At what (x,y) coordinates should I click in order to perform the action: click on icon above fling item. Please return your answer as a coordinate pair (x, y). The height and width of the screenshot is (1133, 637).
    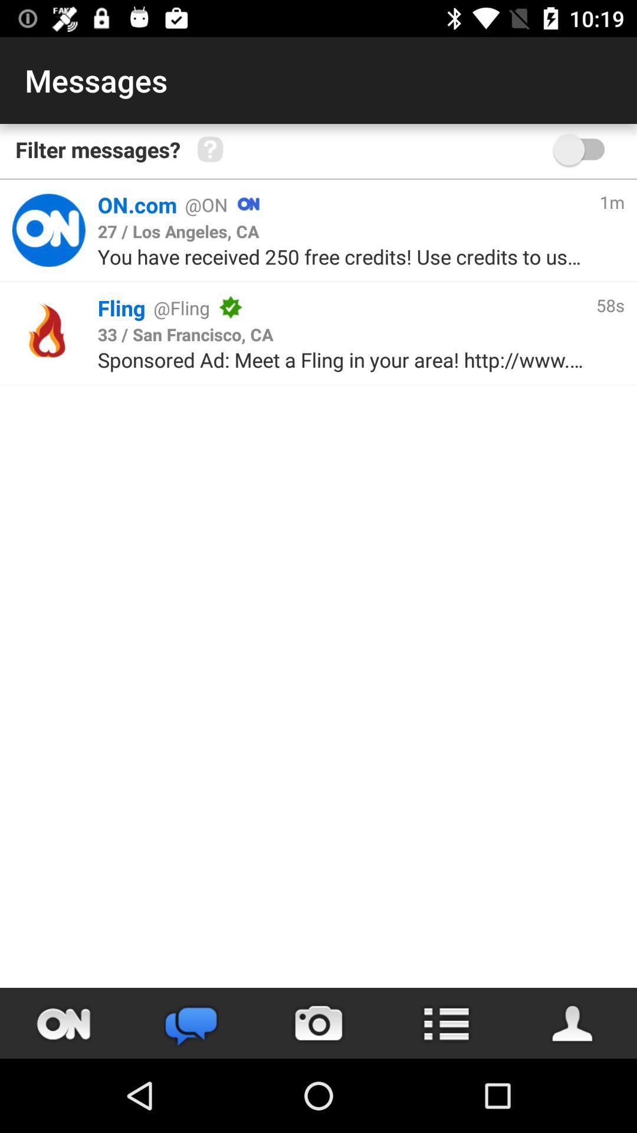
    Looking at the image, I should click on (342, 256).